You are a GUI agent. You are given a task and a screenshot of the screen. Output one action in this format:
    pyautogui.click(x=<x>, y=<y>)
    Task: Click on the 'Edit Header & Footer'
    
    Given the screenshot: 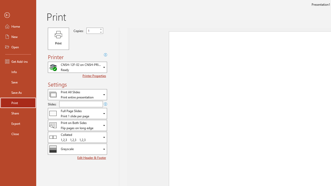 What is the action you would take?
    pyautogui.click(x=92, y=157)
    